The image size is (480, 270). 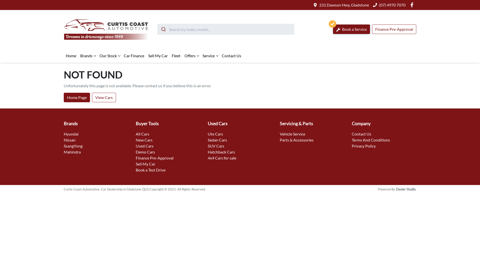 I want to click on 'Fleet', so click(x=176, y=56).